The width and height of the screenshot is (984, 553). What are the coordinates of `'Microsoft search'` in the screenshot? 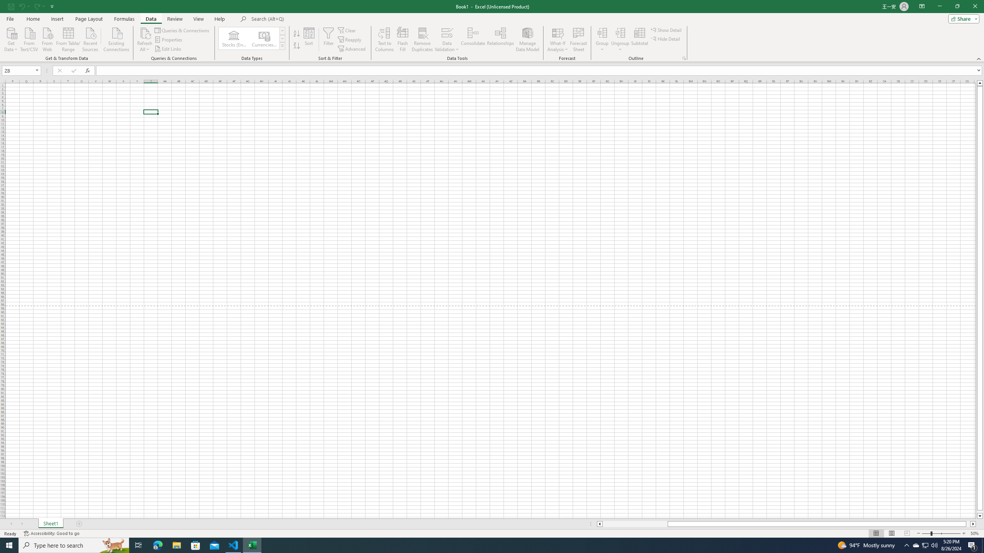 It's located at (304, 19).